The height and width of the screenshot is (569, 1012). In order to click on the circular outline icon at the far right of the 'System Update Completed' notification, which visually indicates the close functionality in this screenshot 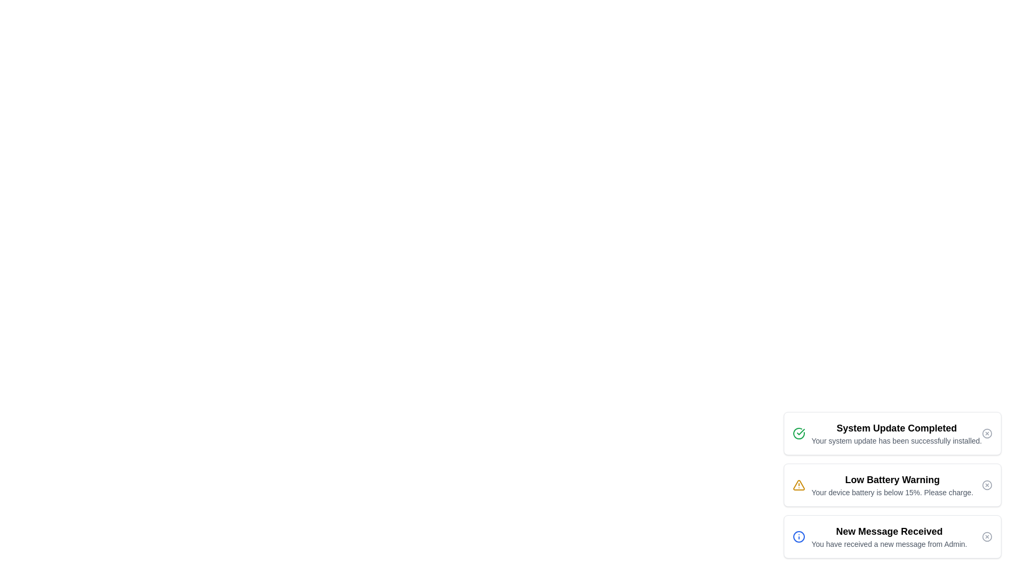, I will do `click(986, 433)`.